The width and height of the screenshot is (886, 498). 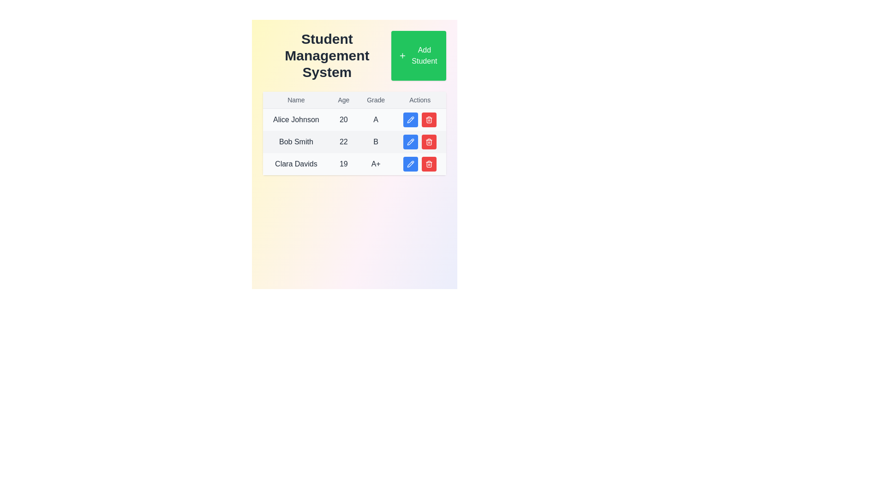 I want to click on the 'Name' column header text label in the table, which is the first column header preceding 'Age', 'Grade', and 'Actions', so click(x=296, y=100).